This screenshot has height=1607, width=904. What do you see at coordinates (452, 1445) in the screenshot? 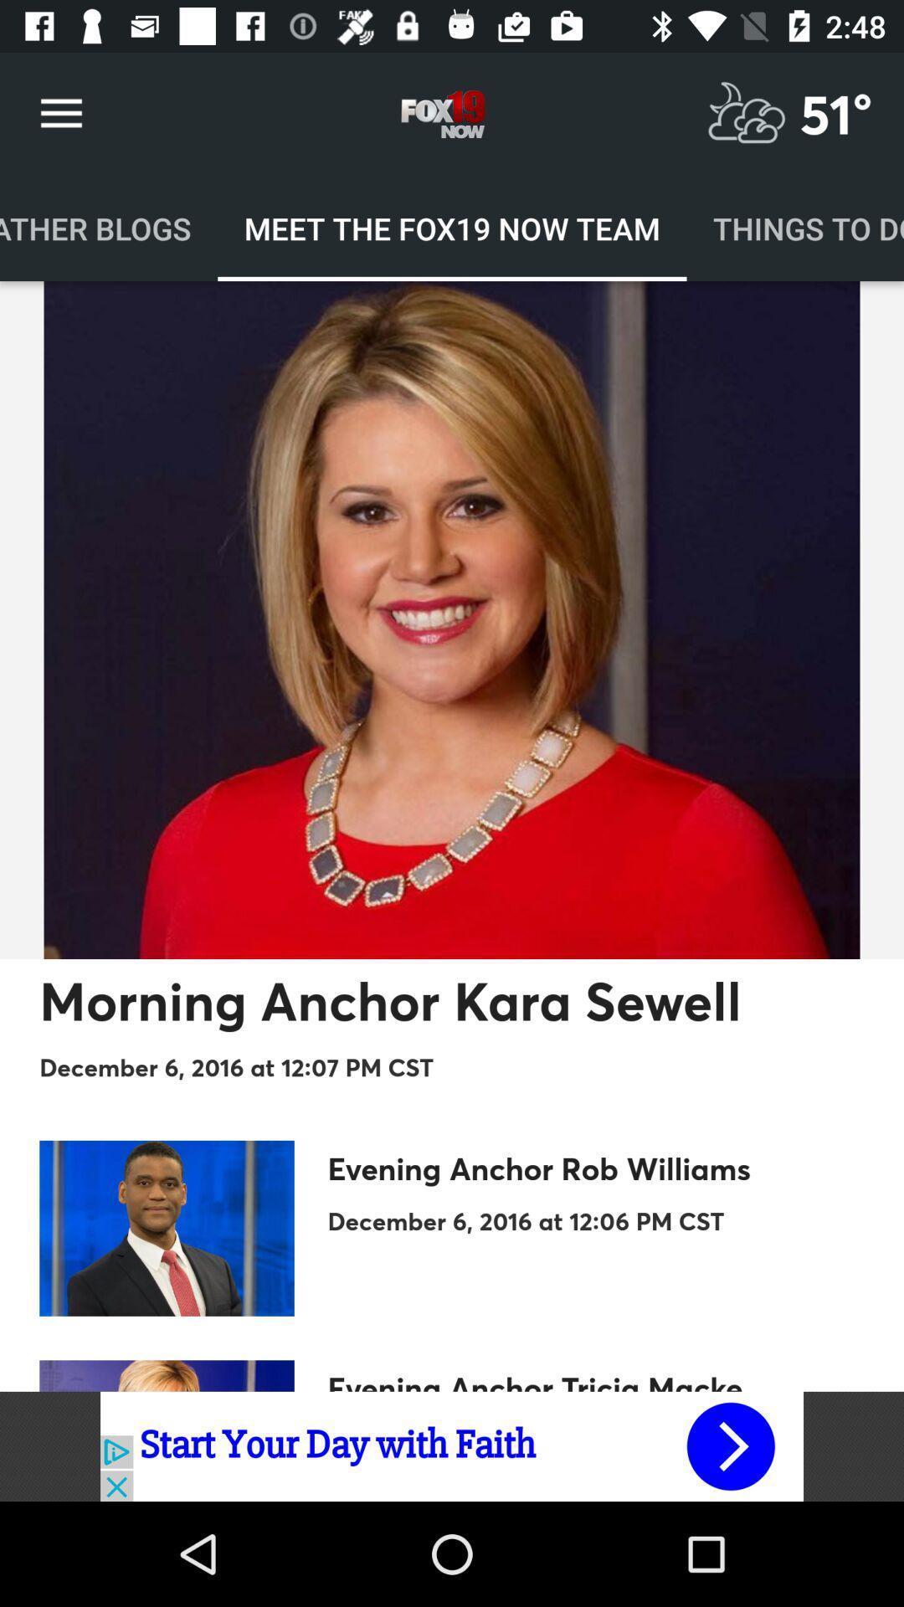
I see `details about advertisement` at bounding box center [452, 1445].